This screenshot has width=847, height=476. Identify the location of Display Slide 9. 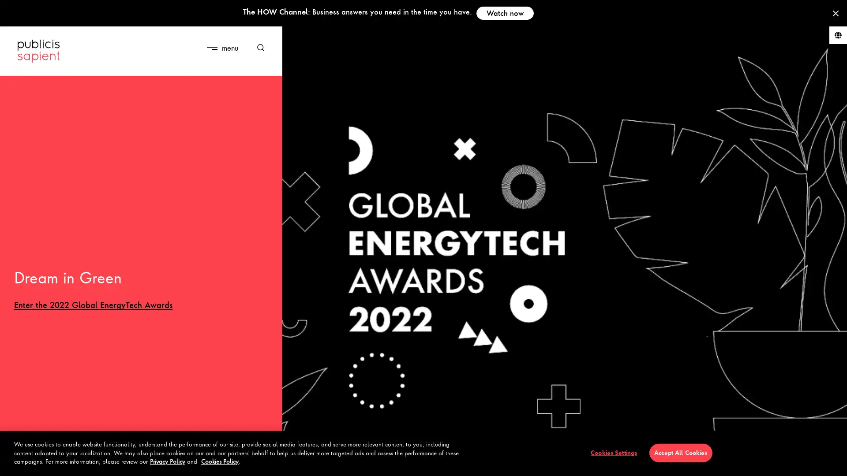
(127, 464).